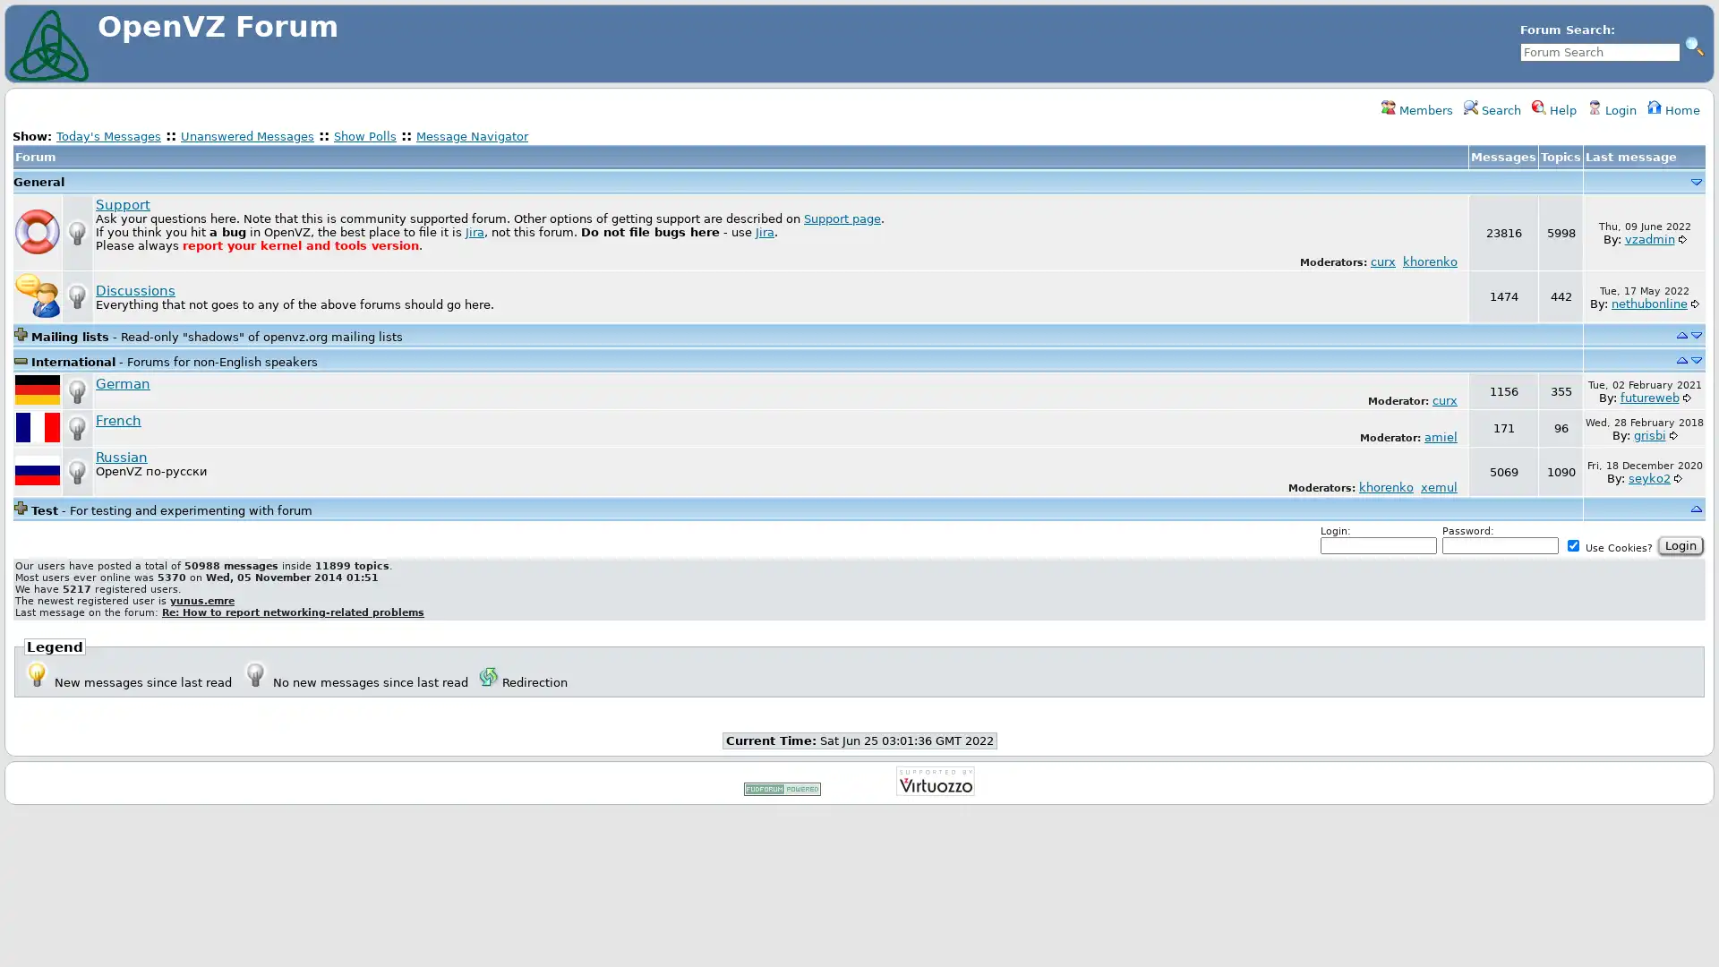  Describe the element at coordinates (1693, 45) in the screenshot. I see `Search` at that location.